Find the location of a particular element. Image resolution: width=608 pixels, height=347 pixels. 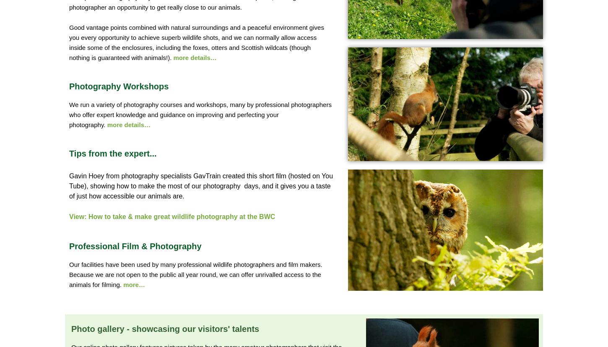

'Photo gallery - showcasing our visitors' talents' is located at coordinates (164, 329).